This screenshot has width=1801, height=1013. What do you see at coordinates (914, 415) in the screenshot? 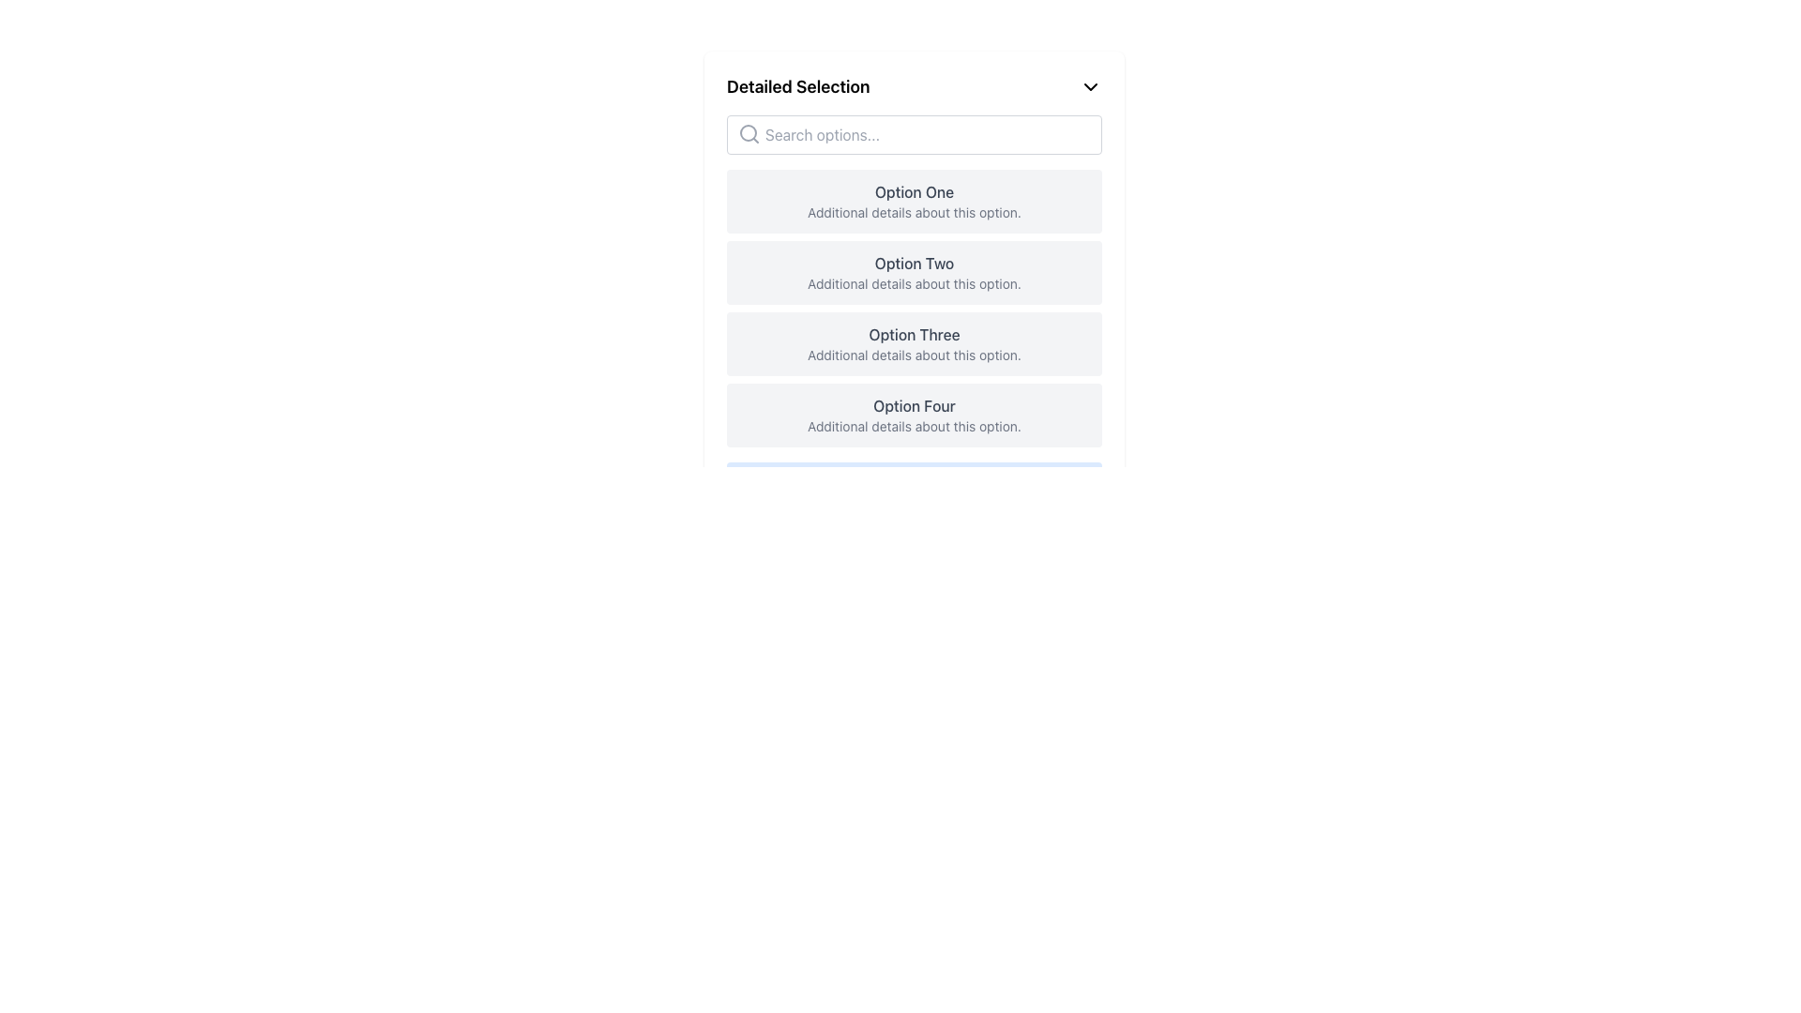
I see `and focus on the list item labeled 'Option Four' using keyboard navigation` at bounding box center [914, 415].